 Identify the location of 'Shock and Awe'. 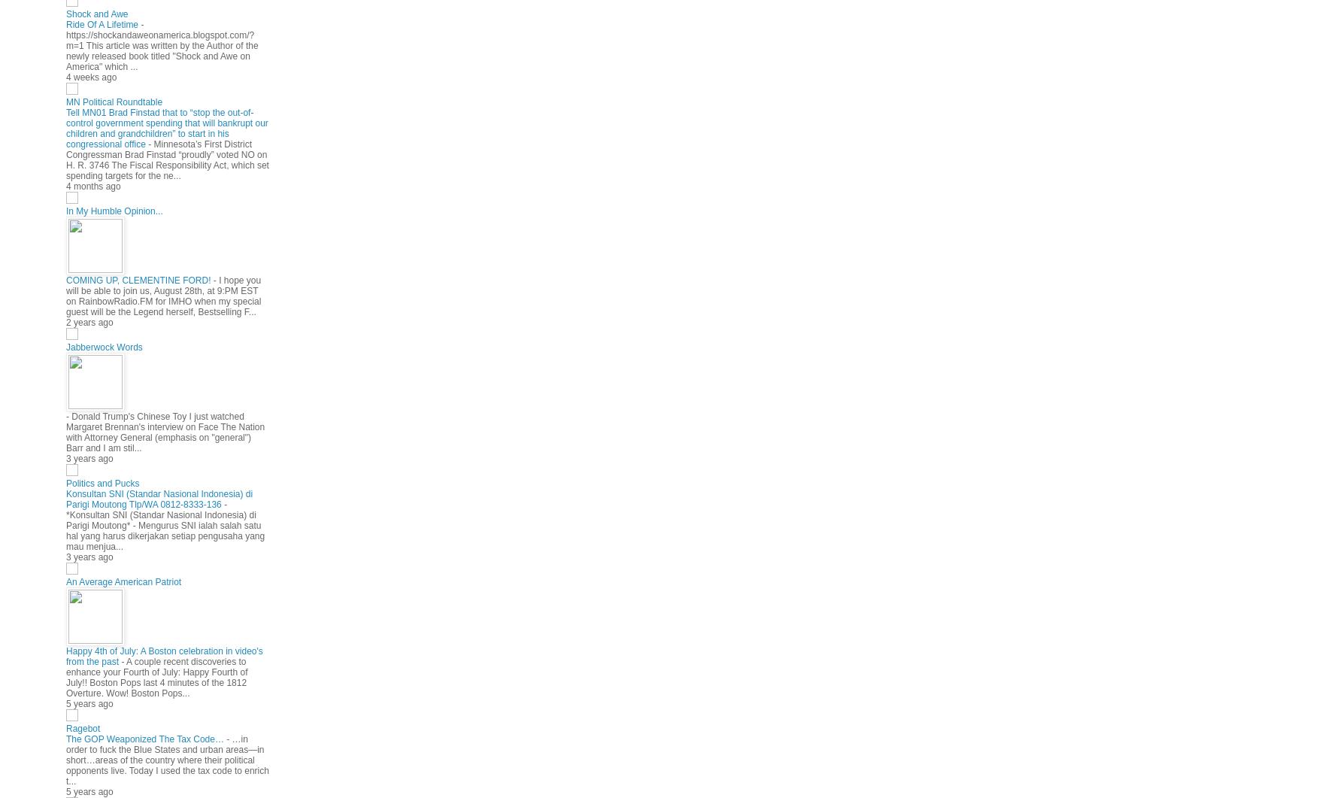
(96, 14).